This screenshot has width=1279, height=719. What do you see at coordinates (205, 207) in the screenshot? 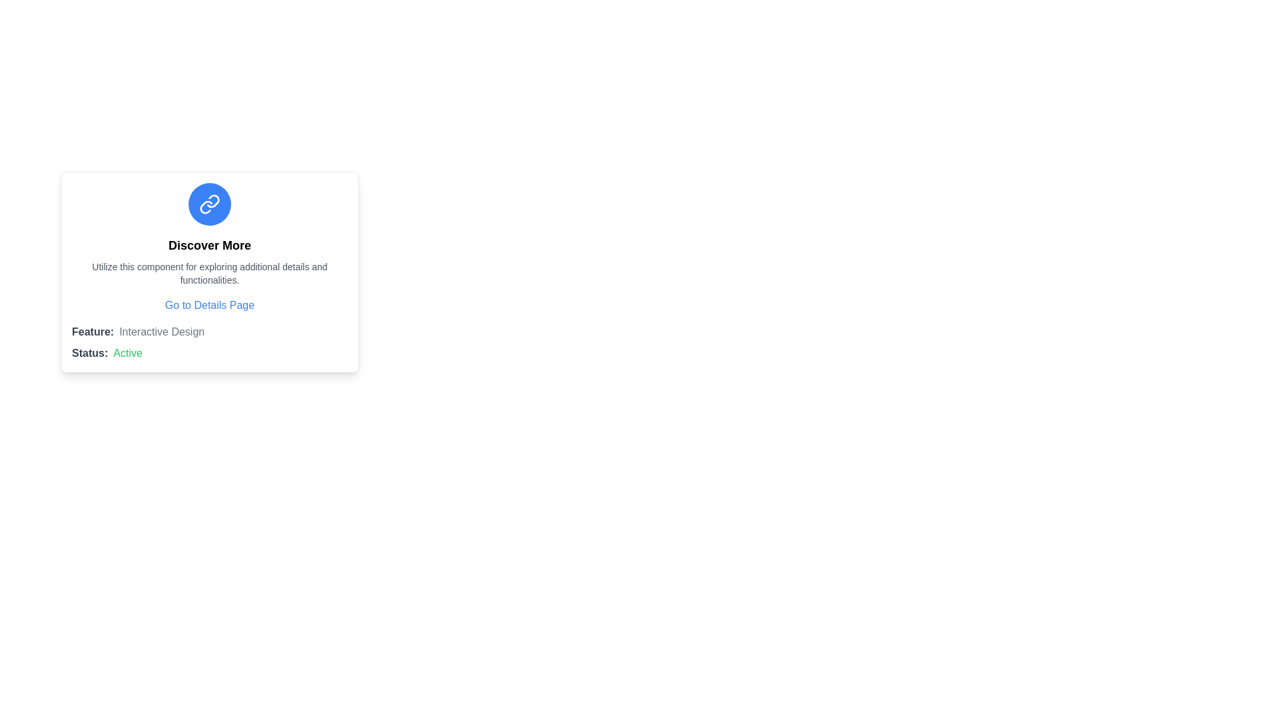
I see `the lower-left component of the circular link icon within the blue circular design at the header of the card` at bounding box center [205, 207].